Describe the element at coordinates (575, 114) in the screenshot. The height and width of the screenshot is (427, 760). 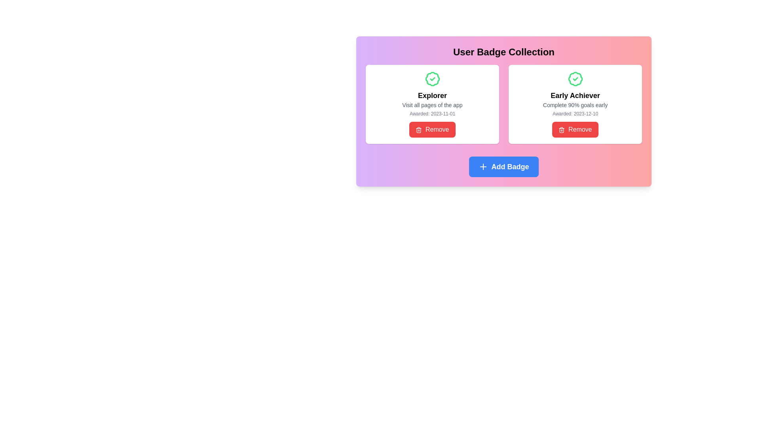
I see `the static text label that reads 'Awarded: 2023-12-10', which is located within the 'Early Achiever' card, positioned below the subtitle 'Complete 90% goals early' and above the 'Remove' button` at that location.